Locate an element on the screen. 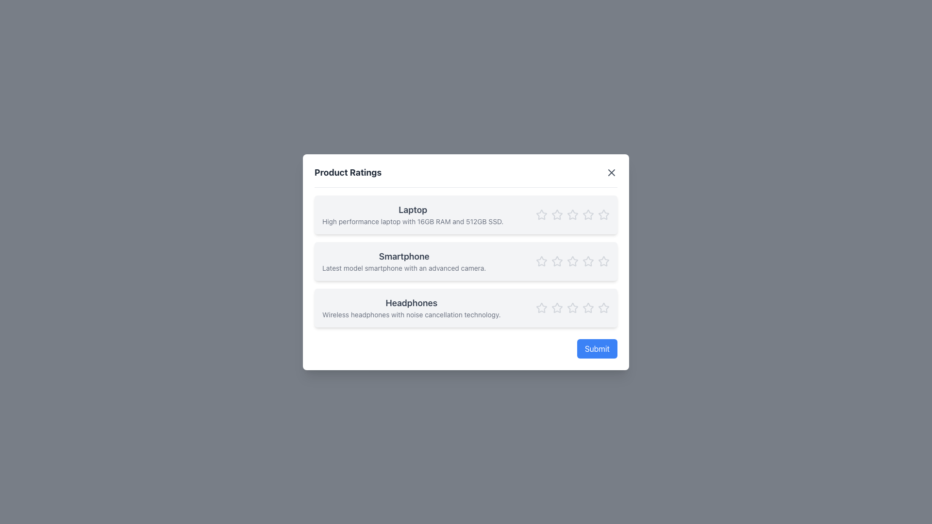  the fourth star is located at coordinates (587, 260).